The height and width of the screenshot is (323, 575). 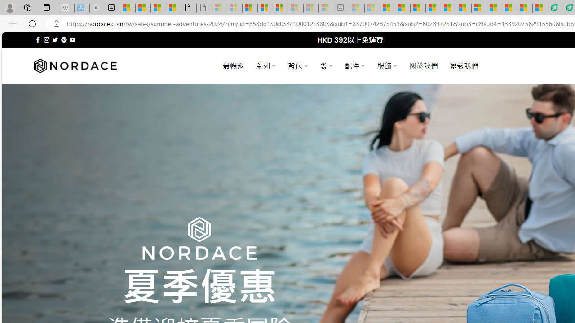 What do you see at coordinates (72, 39) in the screenshot?
I see `'Follow on YouTube'` at bounding box center [72, 39].